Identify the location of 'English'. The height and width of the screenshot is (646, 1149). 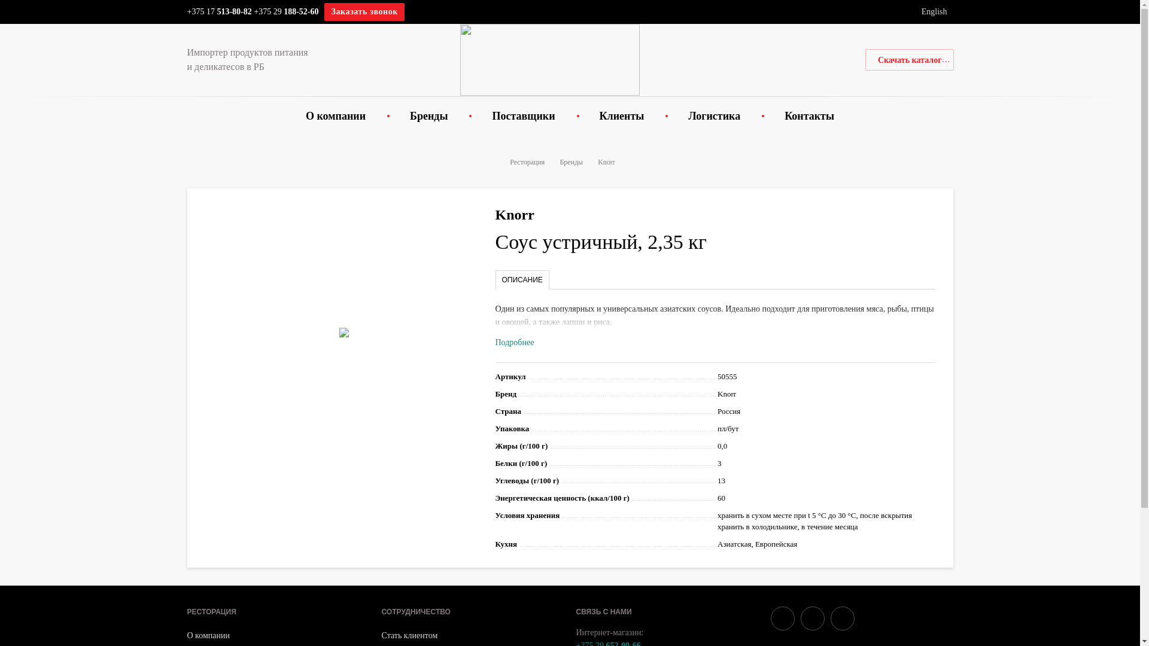
(934, 11).